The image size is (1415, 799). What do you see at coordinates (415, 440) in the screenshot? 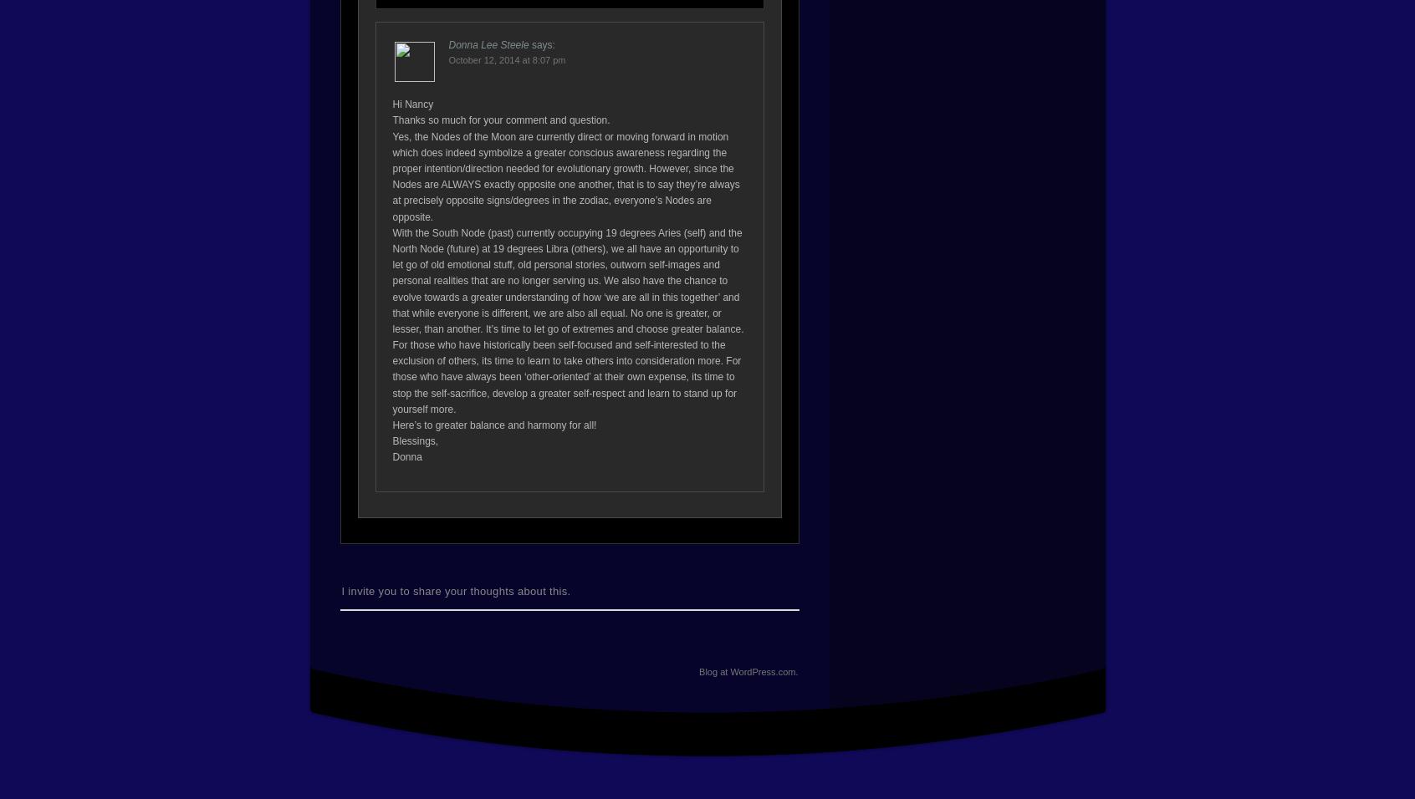
I see `'Blessings,'` at bounding box center [415, 440].